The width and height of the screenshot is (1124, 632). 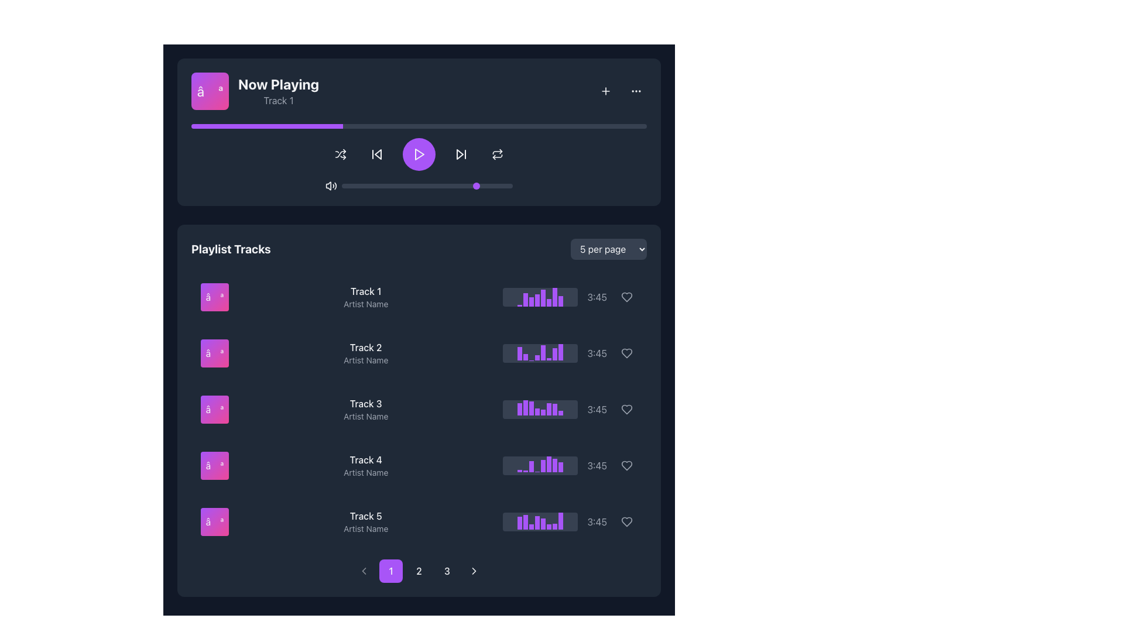 What do you see at coordinates (597, 521) in the screenshot?
I see `the time indicator text label located on the far right side of the fifth row in the playlist track list, which displays the duration of the audio track` at bounding box center [597, 521].